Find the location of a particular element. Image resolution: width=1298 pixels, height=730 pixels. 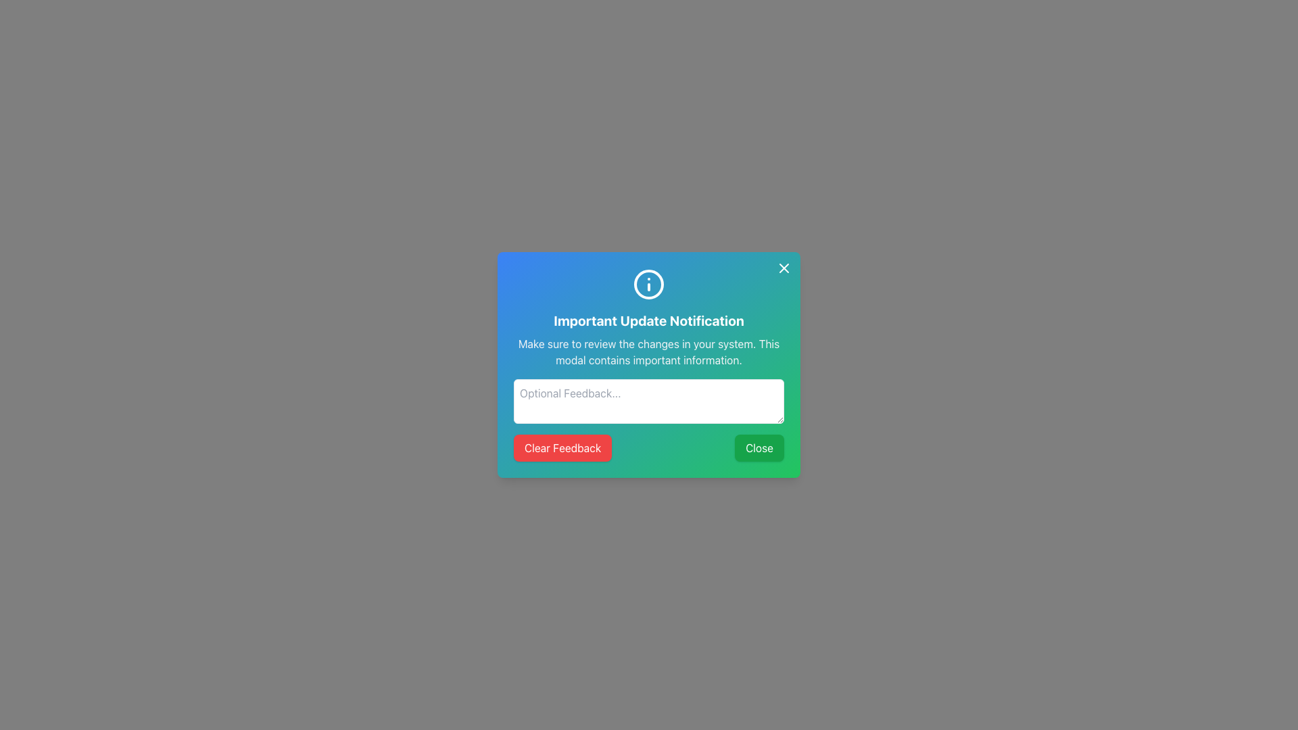

the button represented by an 'X' icon in the top-right corner of the modal dialog to trigger the hover transition effect is located at coordinates (784, 268).